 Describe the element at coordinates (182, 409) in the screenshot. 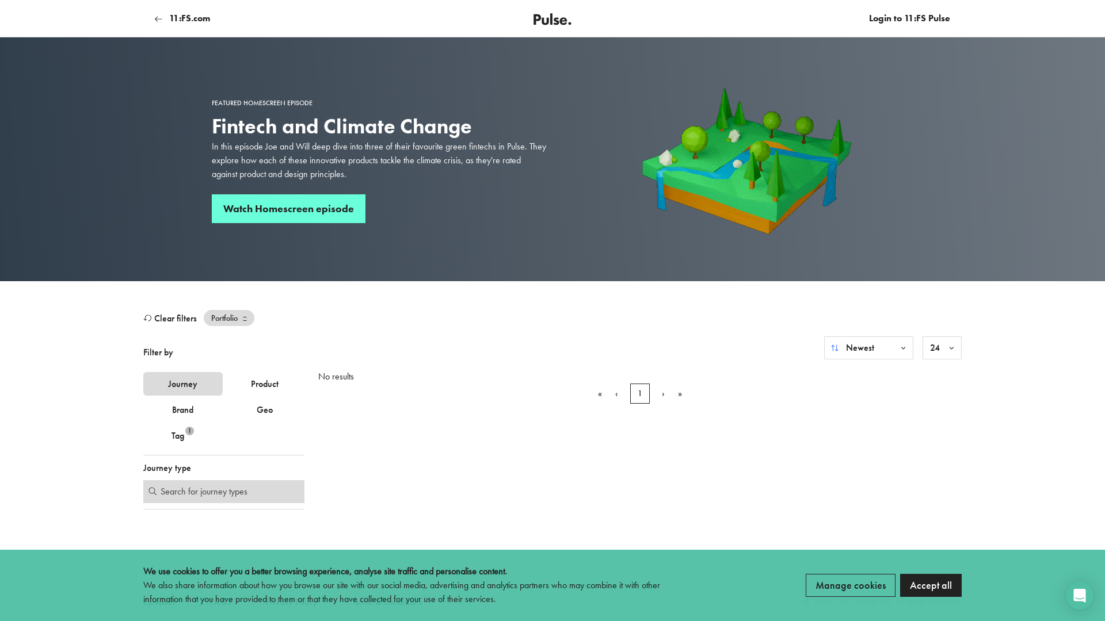

I see `'Brand'` at that location.